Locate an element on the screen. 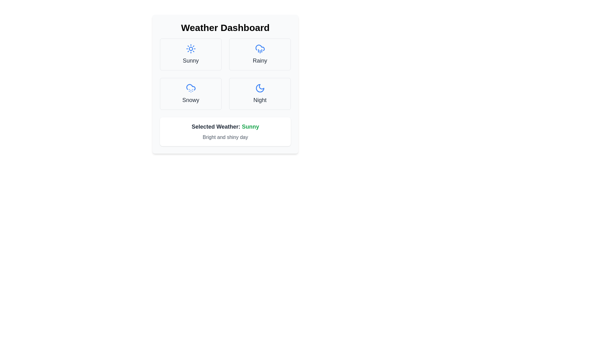 This screenshot has height=338, width=601. the 'Rainy' weather selection icon, which is the second item in the top row of the weather options on the 'Weather Dashboard' panel, located directly above the text 'Rainy' is located at coordinates (260, 48).